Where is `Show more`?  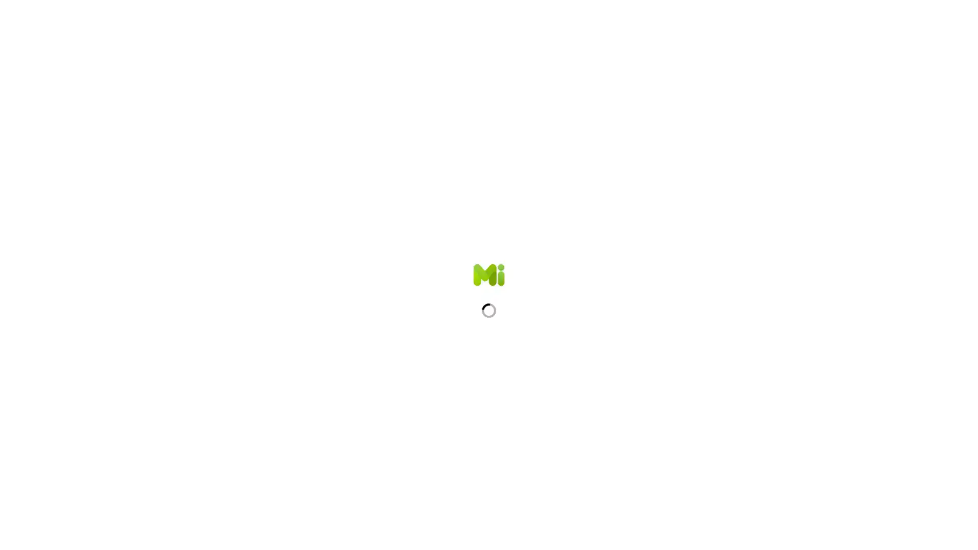
Show more is located at coordinates (628, 67).